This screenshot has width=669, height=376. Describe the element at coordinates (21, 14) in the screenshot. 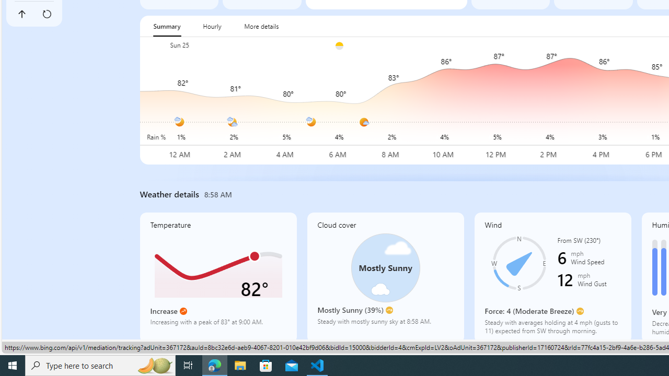

I see `'Back to top'` at that location.